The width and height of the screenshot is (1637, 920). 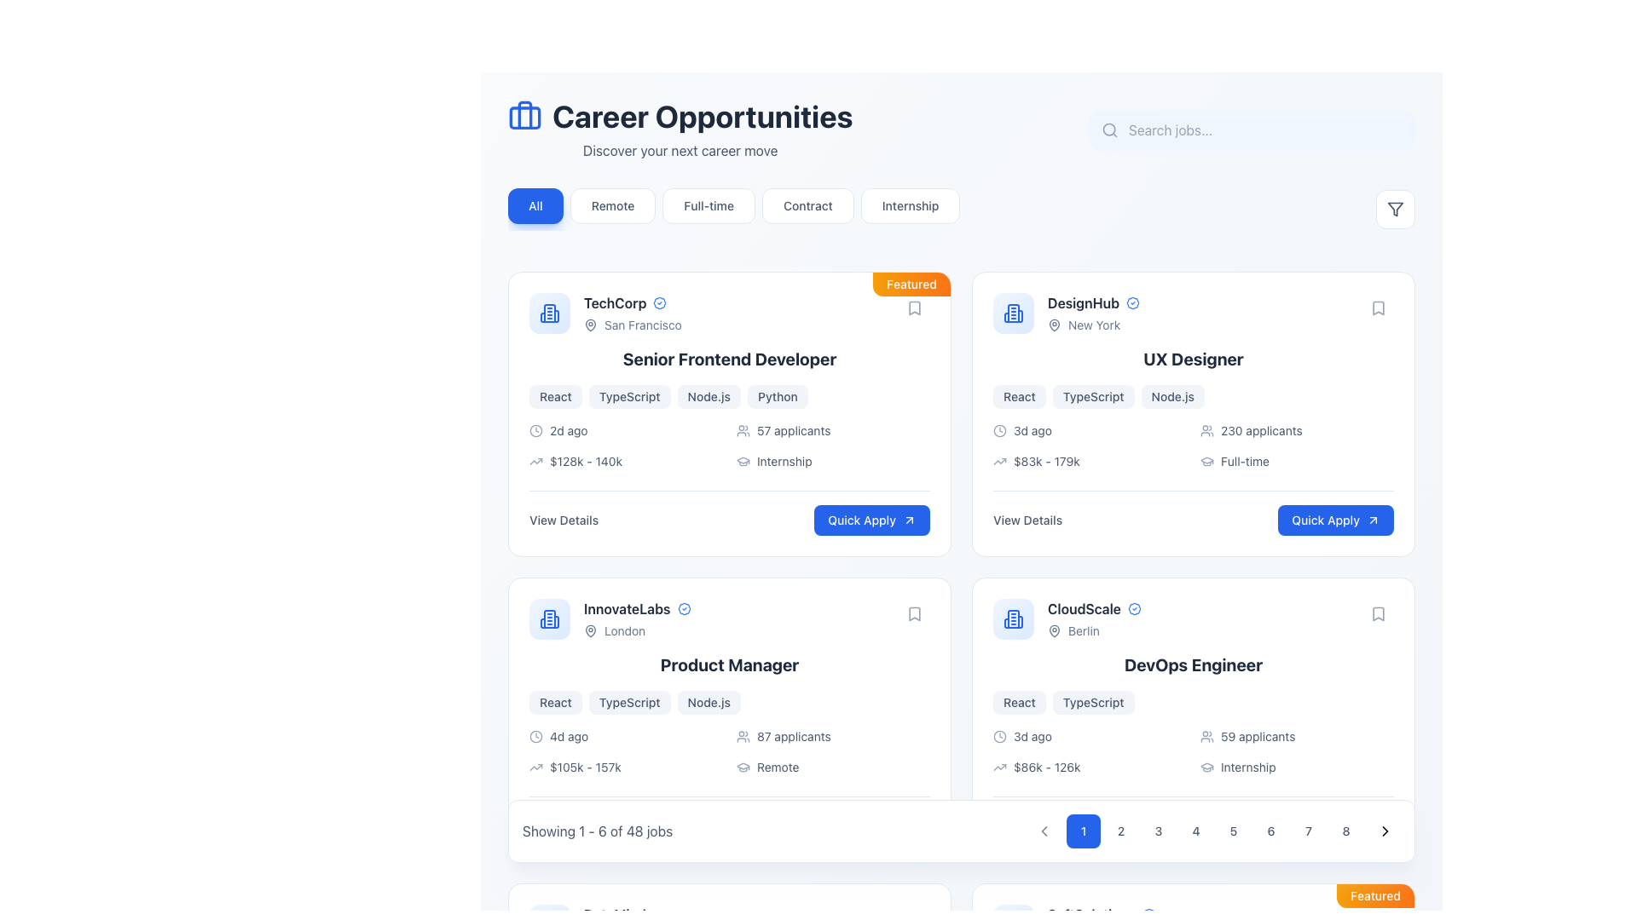 What do you see at coordinates (535, 429) in the screenshot?
I see `the clock icon, which is a minimalistic round clock design with two hands, located to the left of the '2d ago' text in the top-left job box for the 'TechCorp' job listing` at bounding box center [535, 429].